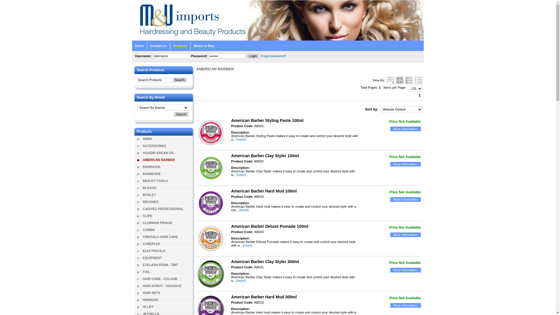  Describe the element at coordinates (167, 223) in the screenshot. I see `'CLUBMAN PINAUD'` at that location.